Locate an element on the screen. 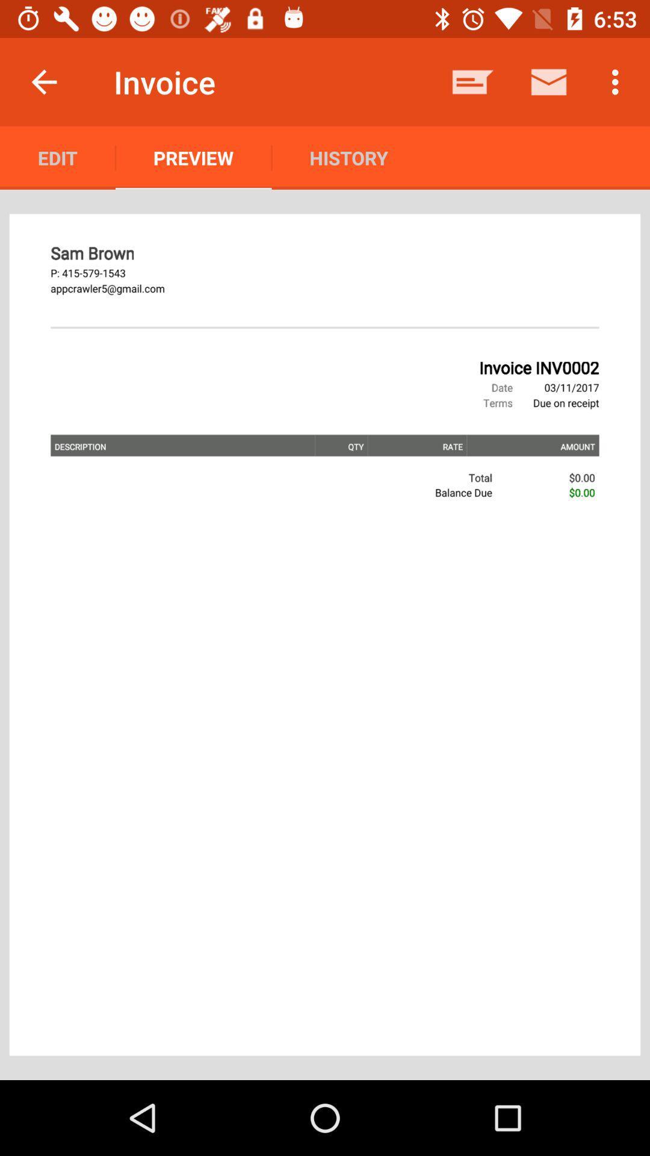 This screenshot has width=650, height=1156. the app to the left of the preview is located at coordinates (58, 157).